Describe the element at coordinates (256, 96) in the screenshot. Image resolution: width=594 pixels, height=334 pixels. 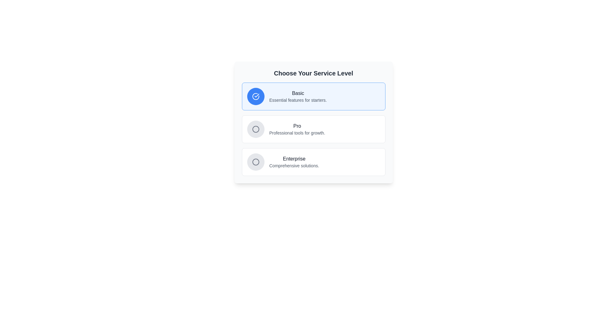
I see `the icon representing the 'Basic' service level selection, located in the blue-highlighted area above the text 'Basic'` at that location.